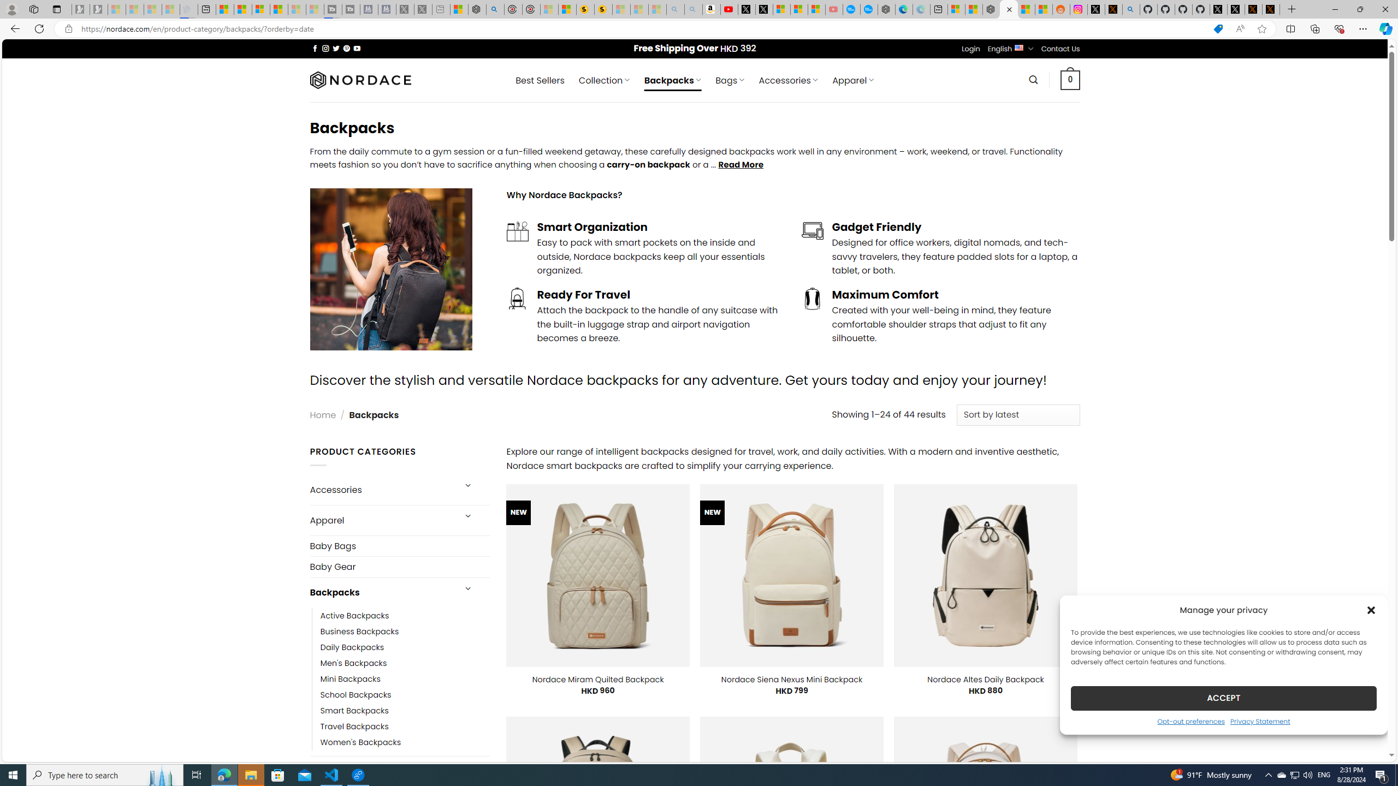  Describe the element at coordinates (405, 711) in the screenshot. I see `'Smart Backpacks'` at that location.